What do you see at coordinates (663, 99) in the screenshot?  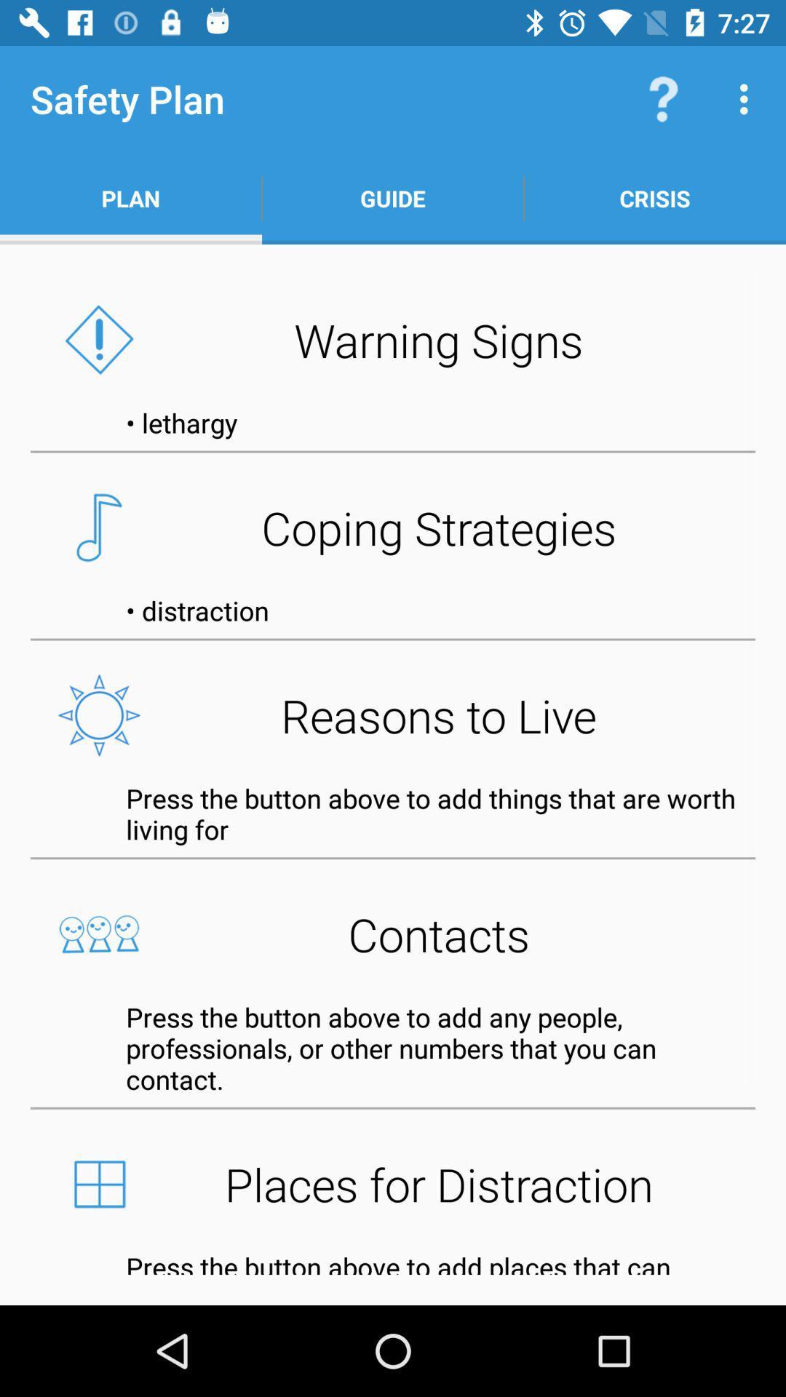 I see `the question icon` at bounding box center [663, 99].